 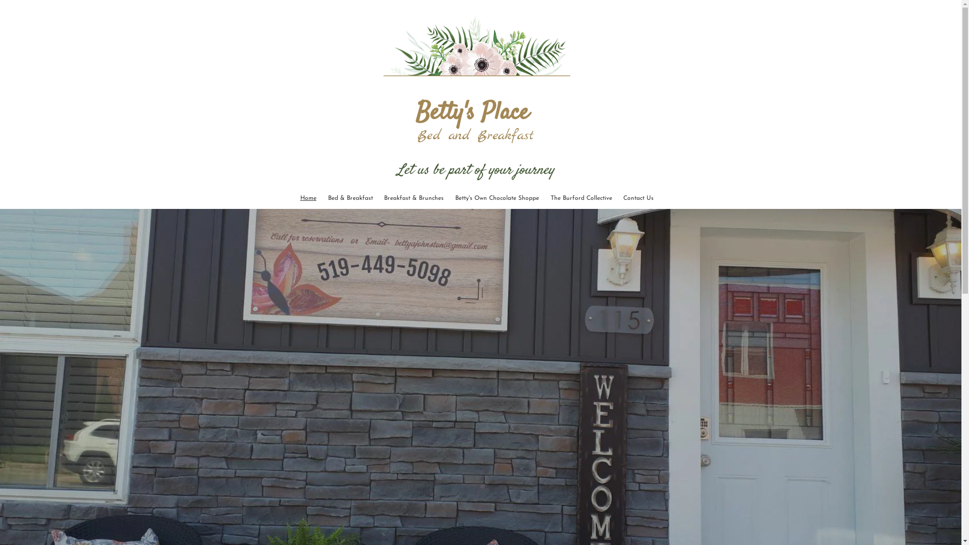 I want to click on 'Breakfast & Brunches', so click(x=414, y=198).